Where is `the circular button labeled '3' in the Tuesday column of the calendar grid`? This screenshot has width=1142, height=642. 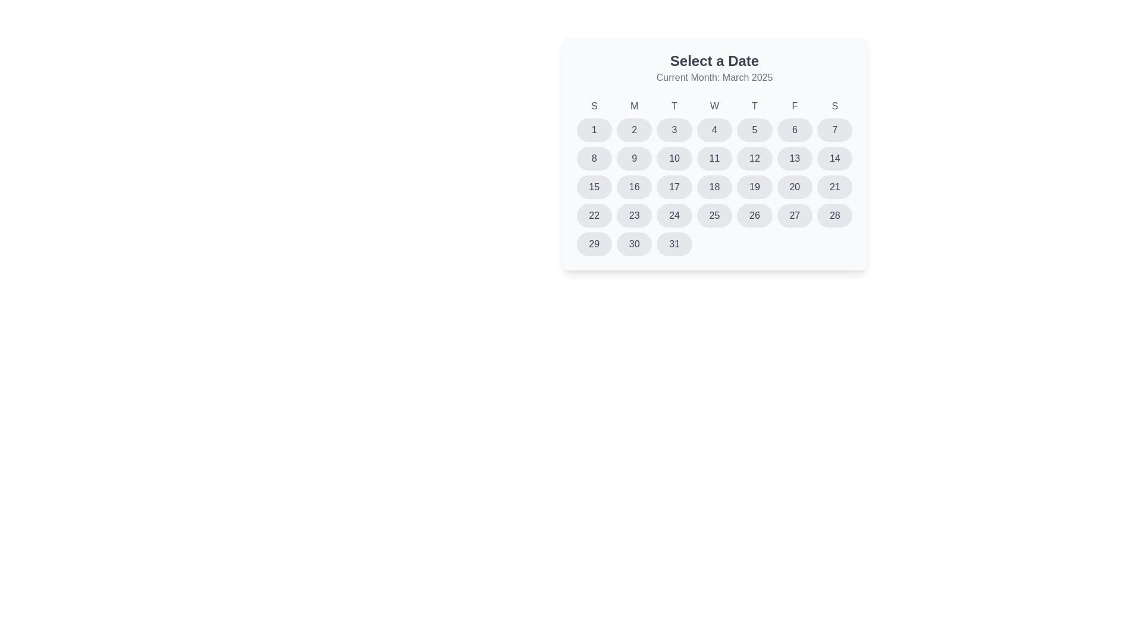 the circular button labeled '3' in the Tuesday column of the calendar grid is located at coordinates (674, 130).